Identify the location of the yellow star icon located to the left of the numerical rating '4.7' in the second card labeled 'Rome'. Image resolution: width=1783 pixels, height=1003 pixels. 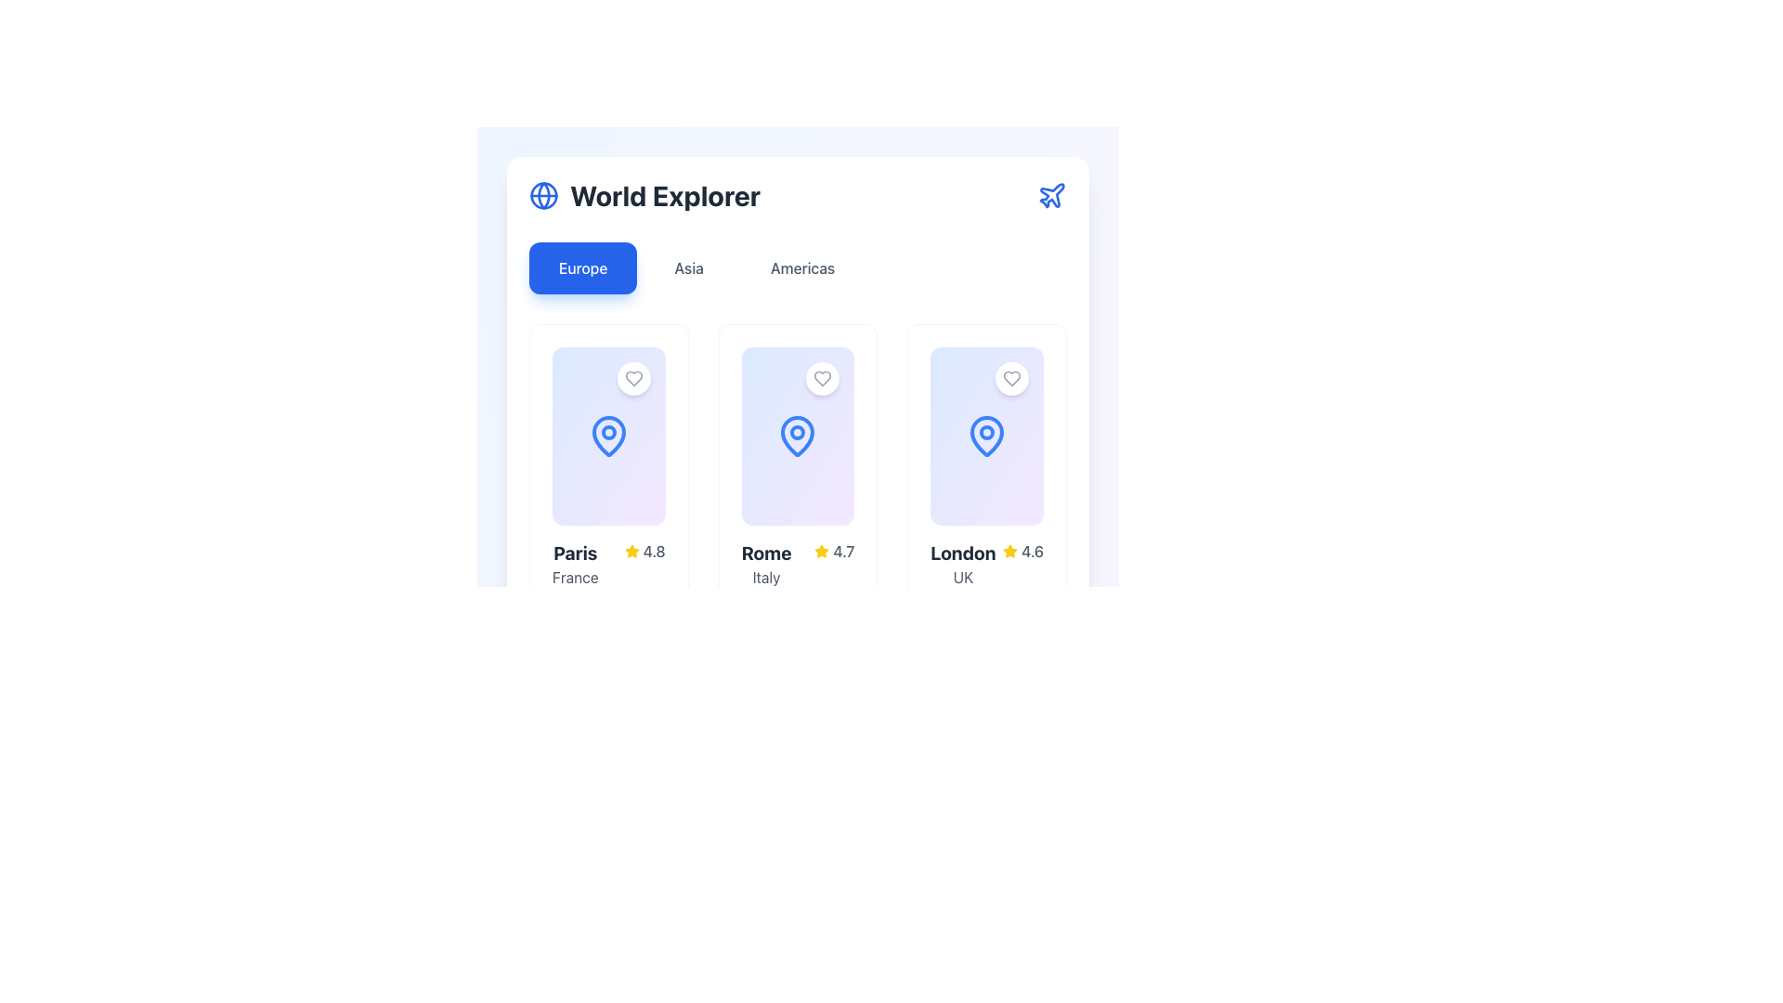
(821, 551).